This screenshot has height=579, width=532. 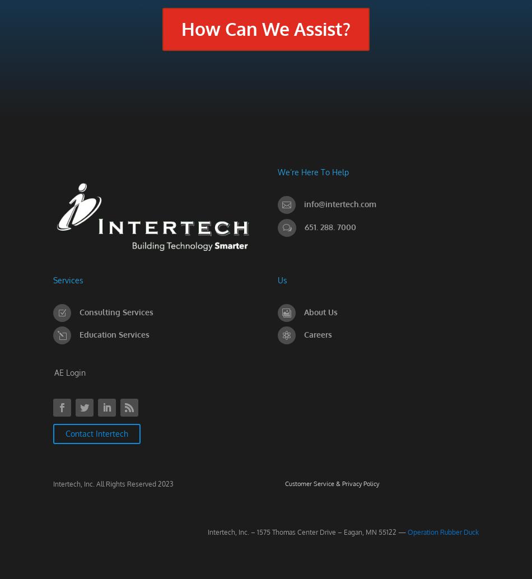 I want to click on 'Intertech, Inc. – 1575 Thomas Center Drive – Eagan, MN 55122 —', so click(x=307, y=531).